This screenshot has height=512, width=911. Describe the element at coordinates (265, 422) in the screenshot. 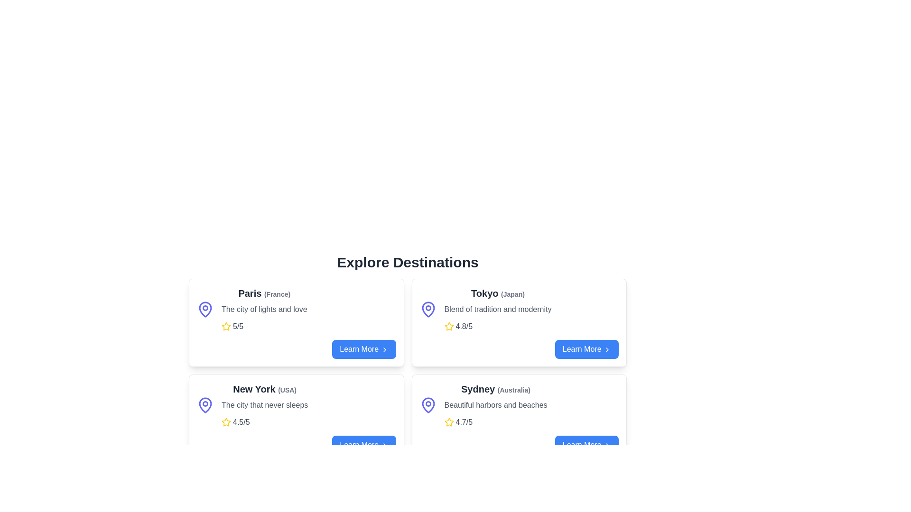

I see `the rating display for 'New York (USA)'` at that location.